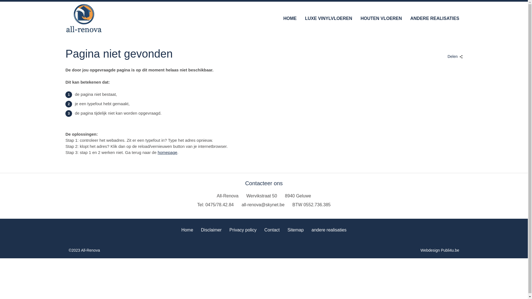 The image size is (532, 299). Describe the element at coordinates (263, 205) in the screenshot. I see `'all-renova@skynet.be'` at that location.